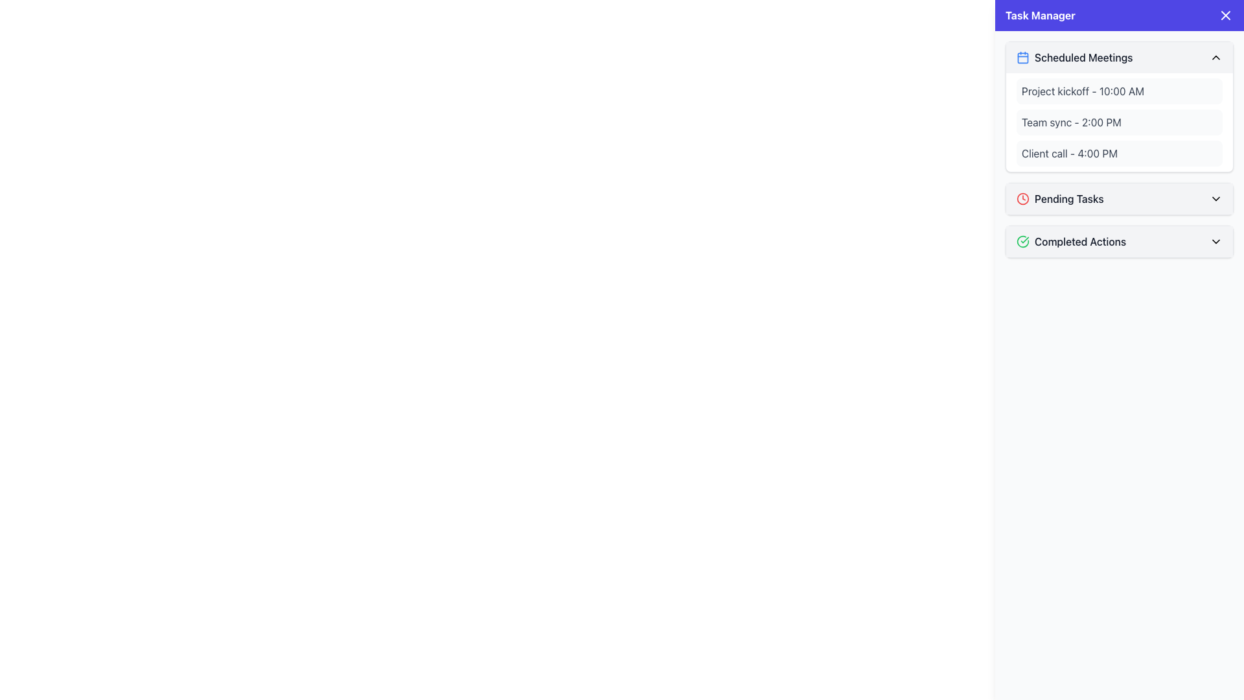  I want to click on the close button located in the top-right corner of the task management header bar, so click(1225, 15).